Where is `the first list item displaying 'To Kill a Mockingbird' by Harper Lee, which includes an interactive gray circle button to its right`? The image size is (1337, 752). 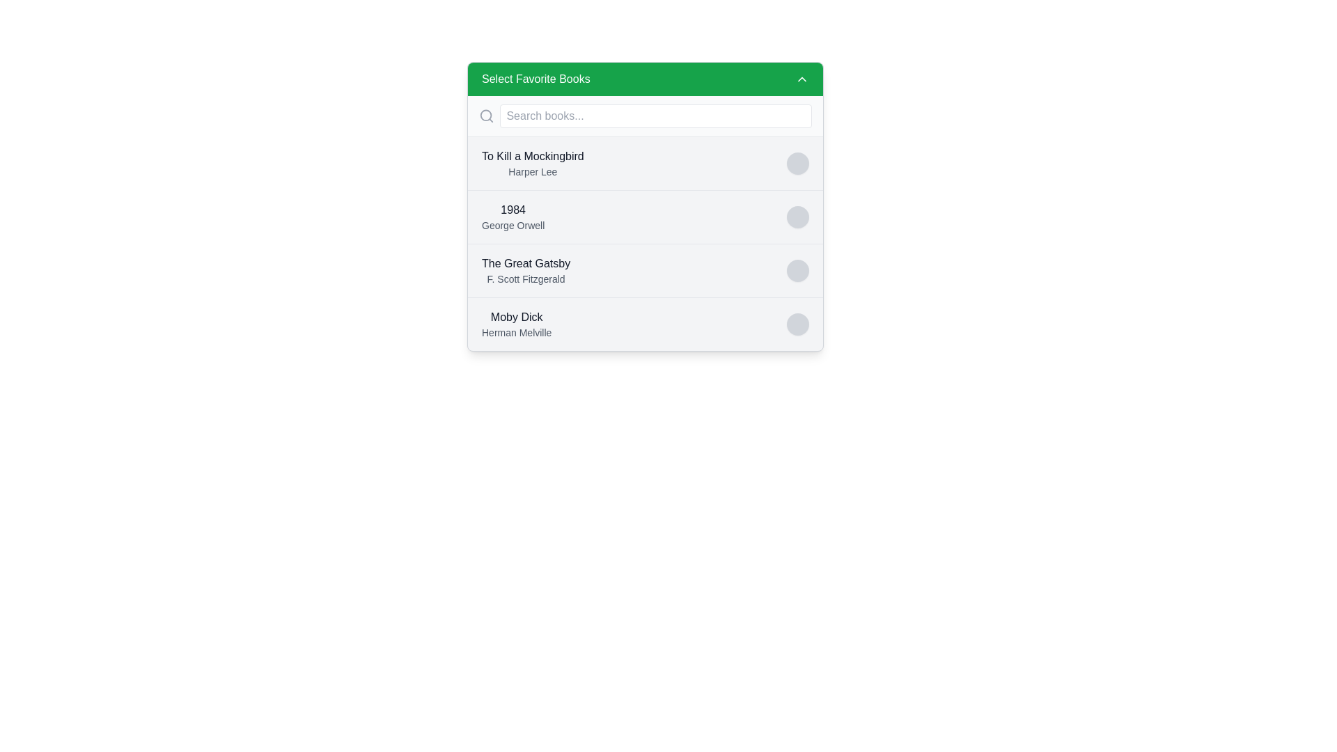
the first list item displaying 'To Kill a Mockingbird' by Harper Lee, which includes an interactive gray circle button to its right is located at coordinates (644, 163).